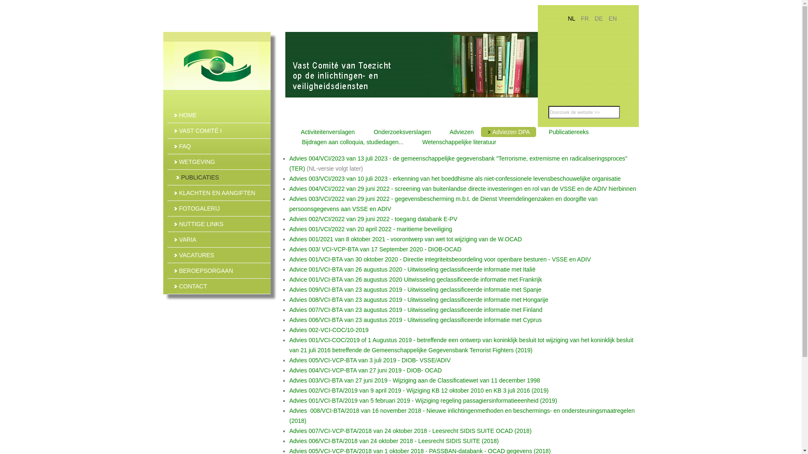 This screenshot has height=454, width=808. I want to click on 'DE', so click(599, 18).